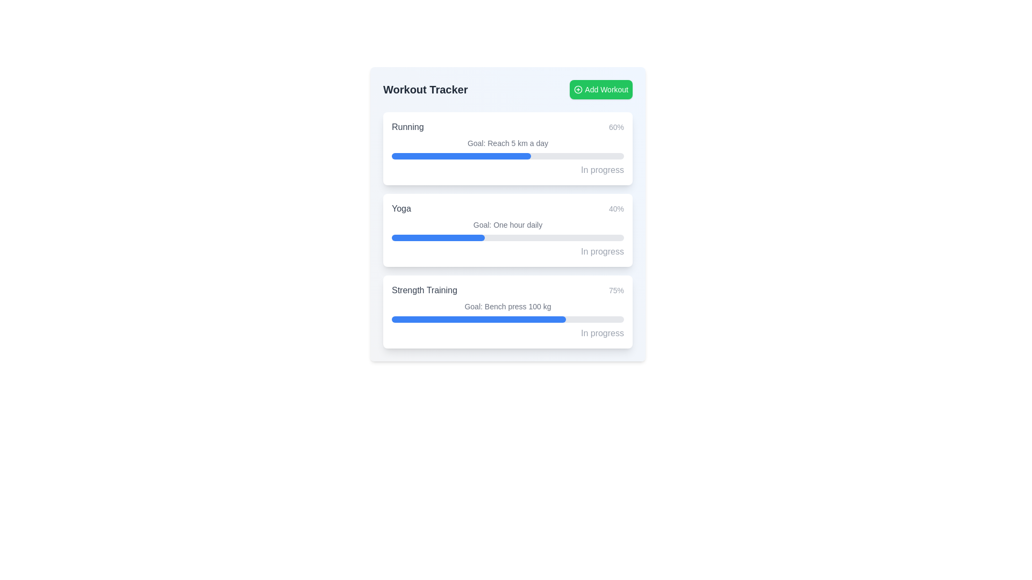 This screenshot has width=1032, height=580. Describe the element at coordinates (578, 89) in the screenshot. I see `the 'Add Workout' button by targeting the Icon located on its right-hand side in the header section of the Workout Tracker interface` at that location.